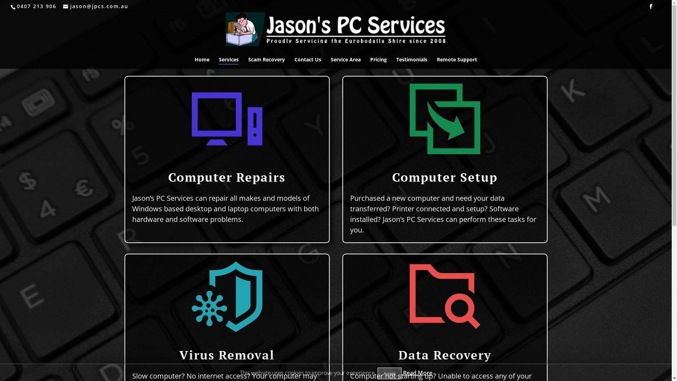  I want to click on 'Services', so click(228, 62).